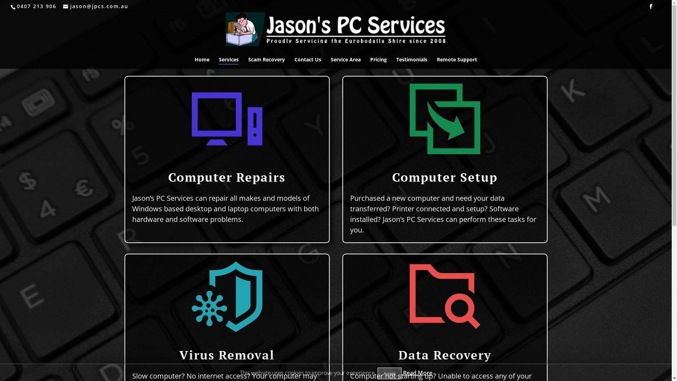  I want to click on 'Services', so click(228, 62).